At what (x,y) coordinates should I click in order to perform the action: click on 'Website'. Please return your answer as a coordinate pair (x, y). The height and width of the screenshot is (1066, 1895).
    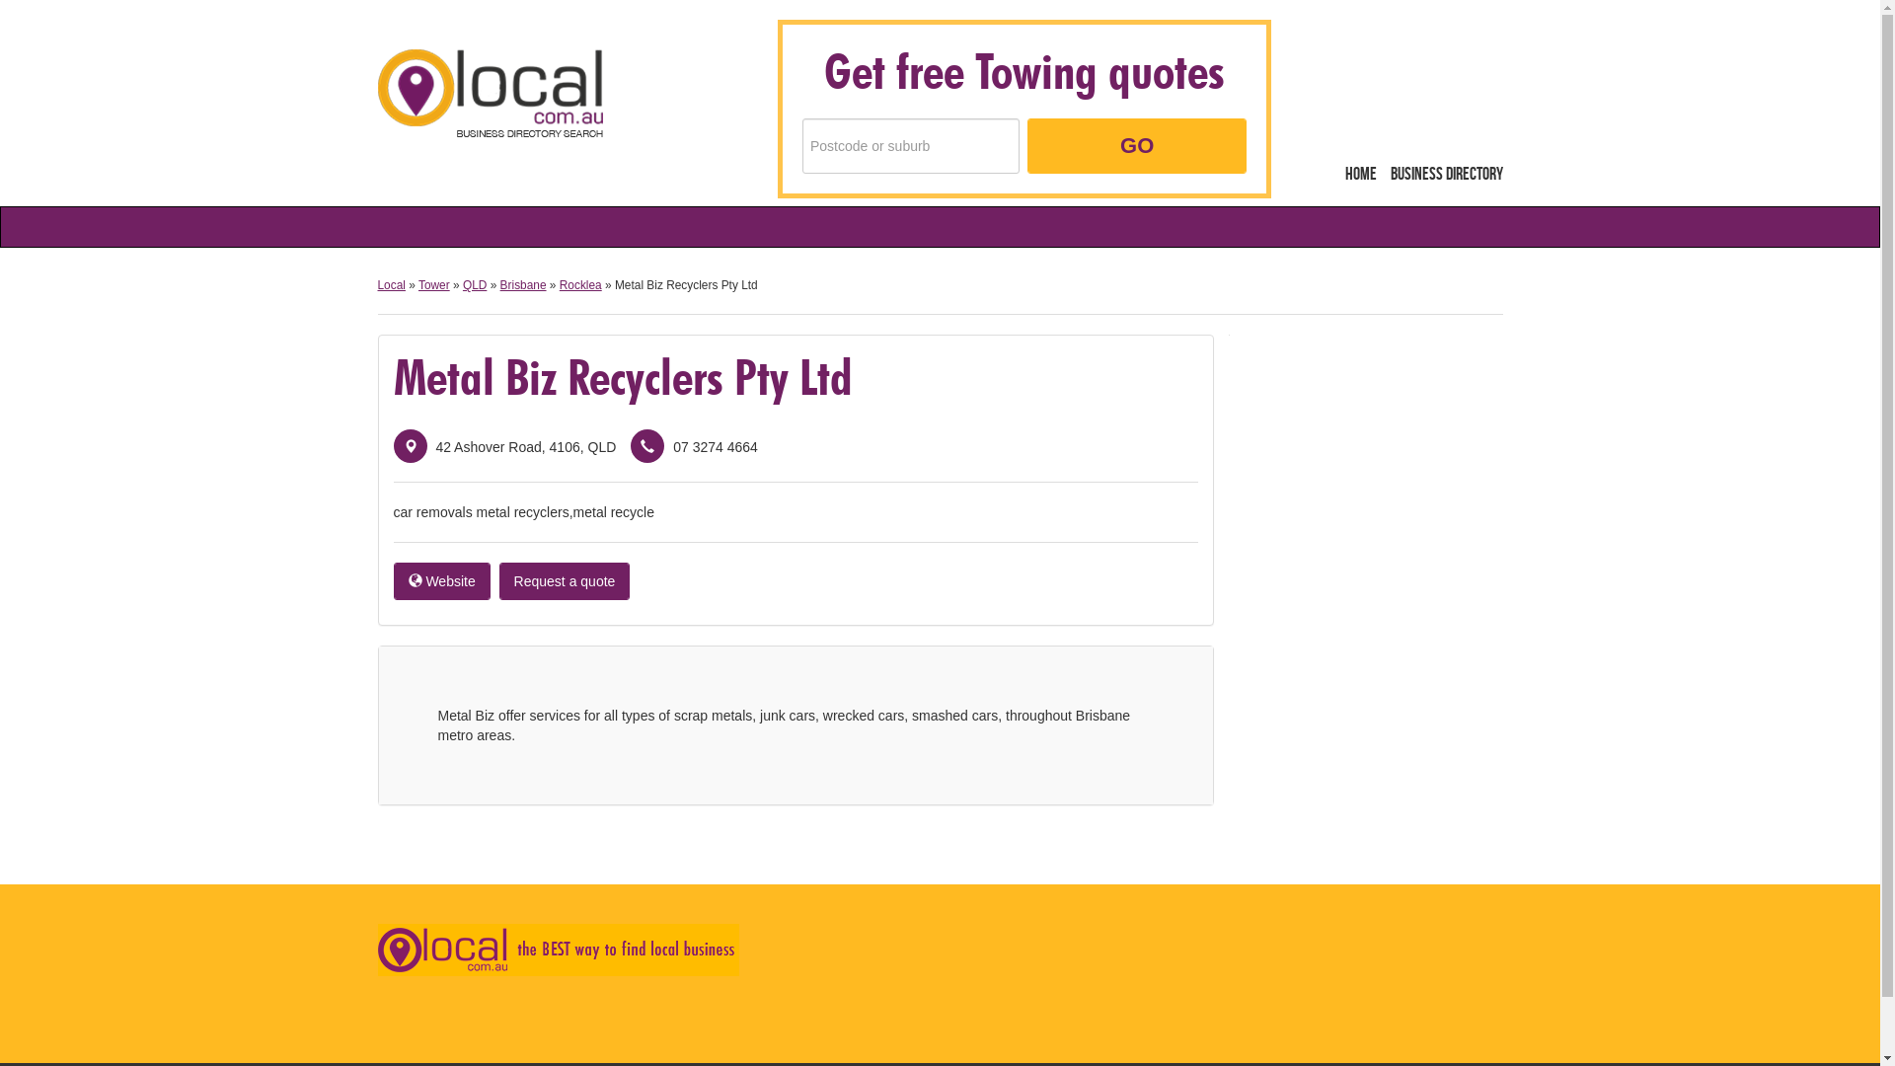
    Looking at the image, I should click on (393, 580).